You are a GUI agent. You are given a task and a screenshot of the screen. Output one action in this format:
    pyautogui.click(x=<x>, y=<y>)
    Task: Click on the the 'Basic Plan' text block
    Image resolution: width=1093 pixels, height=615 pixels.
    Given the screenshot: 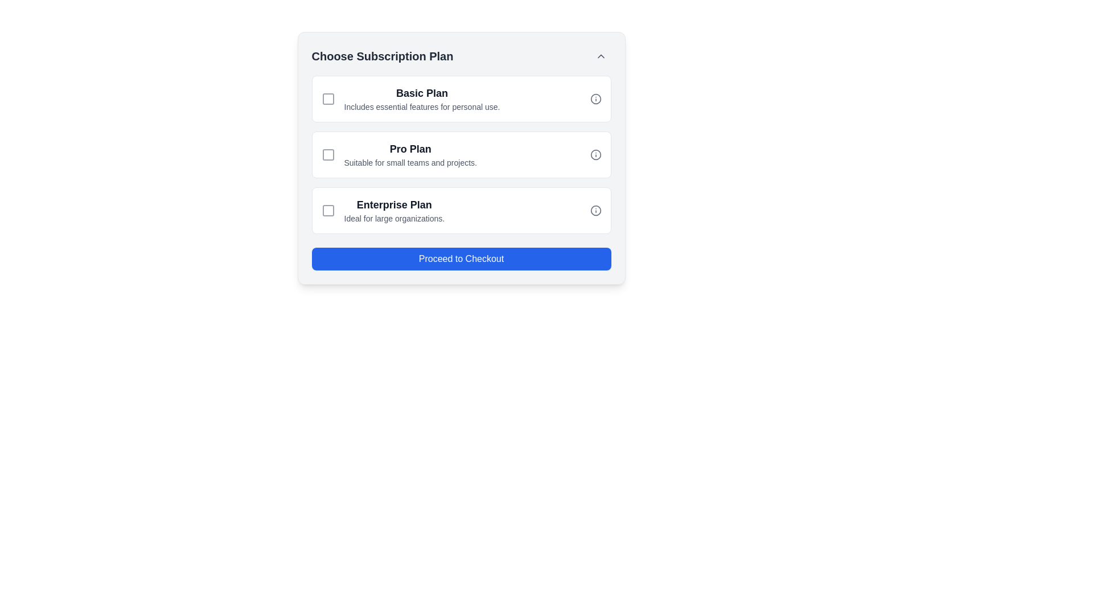 What is the action you would take?
    pyautogui.click(x=421, y=98)
    